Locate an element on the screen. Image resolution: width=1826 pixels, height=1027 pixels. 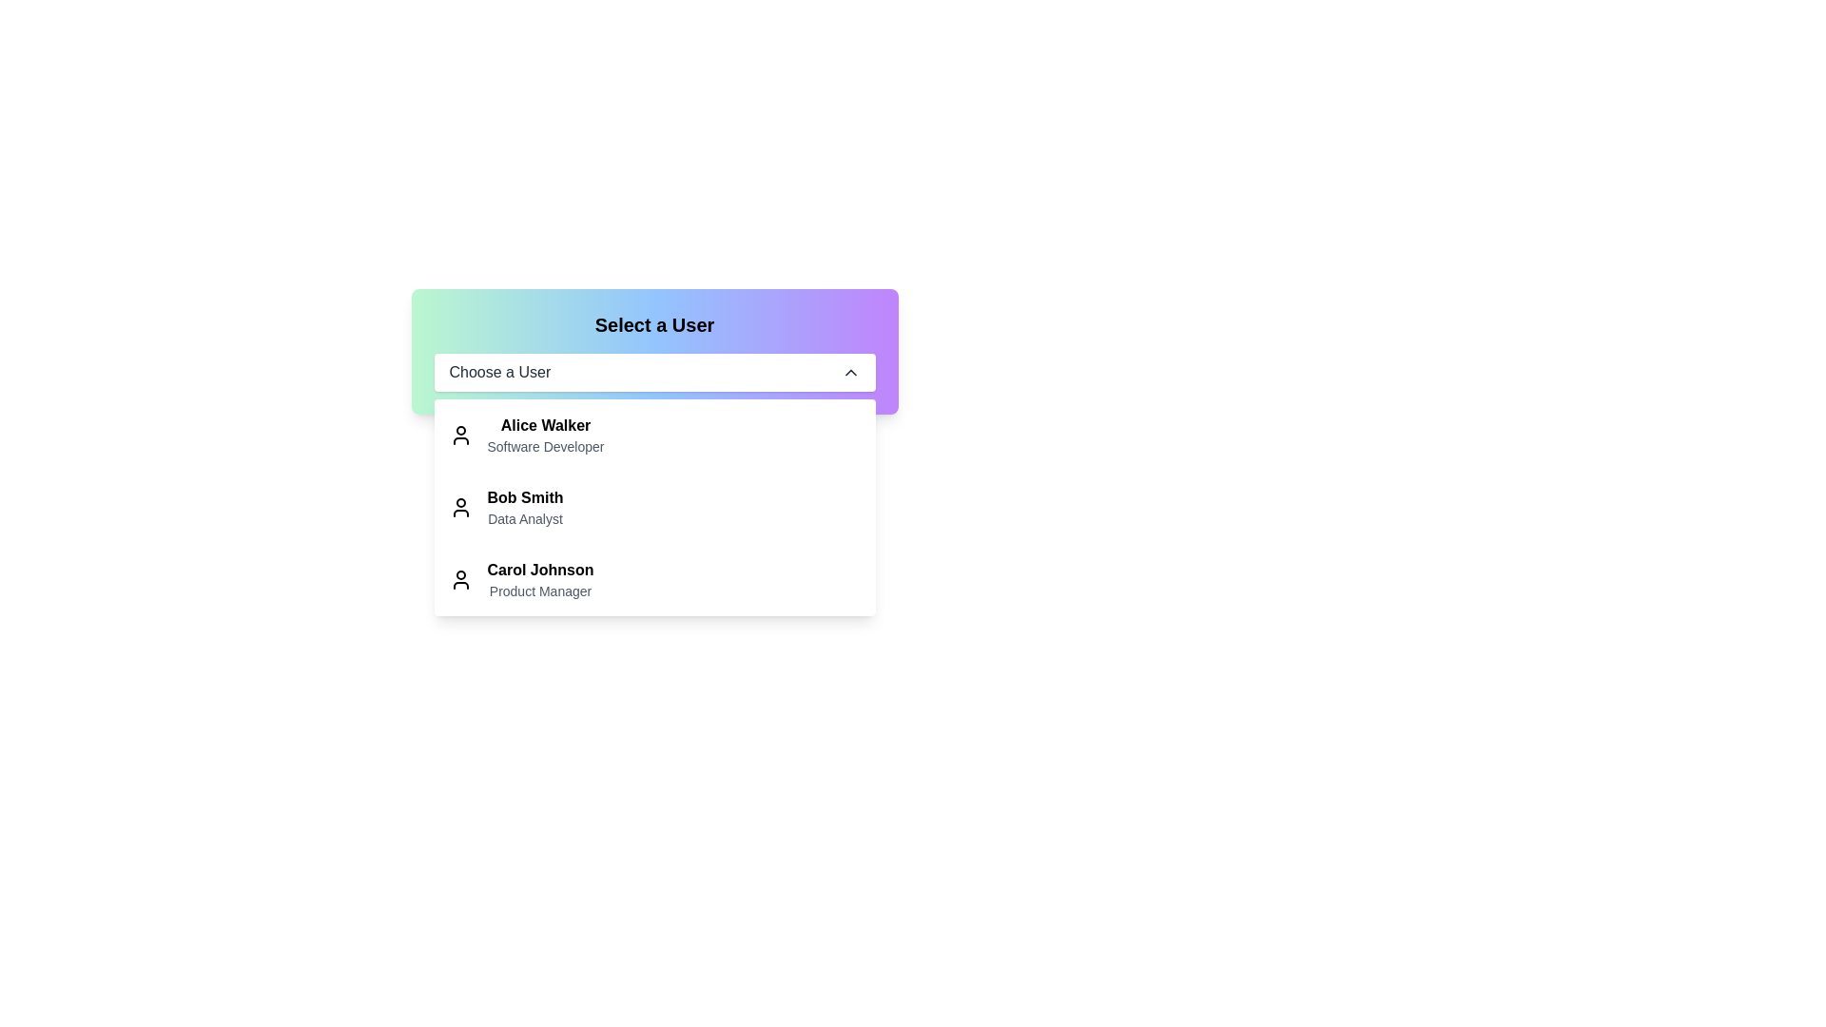
the Text Label displaying the user's name is located at coordinates (539, 570).